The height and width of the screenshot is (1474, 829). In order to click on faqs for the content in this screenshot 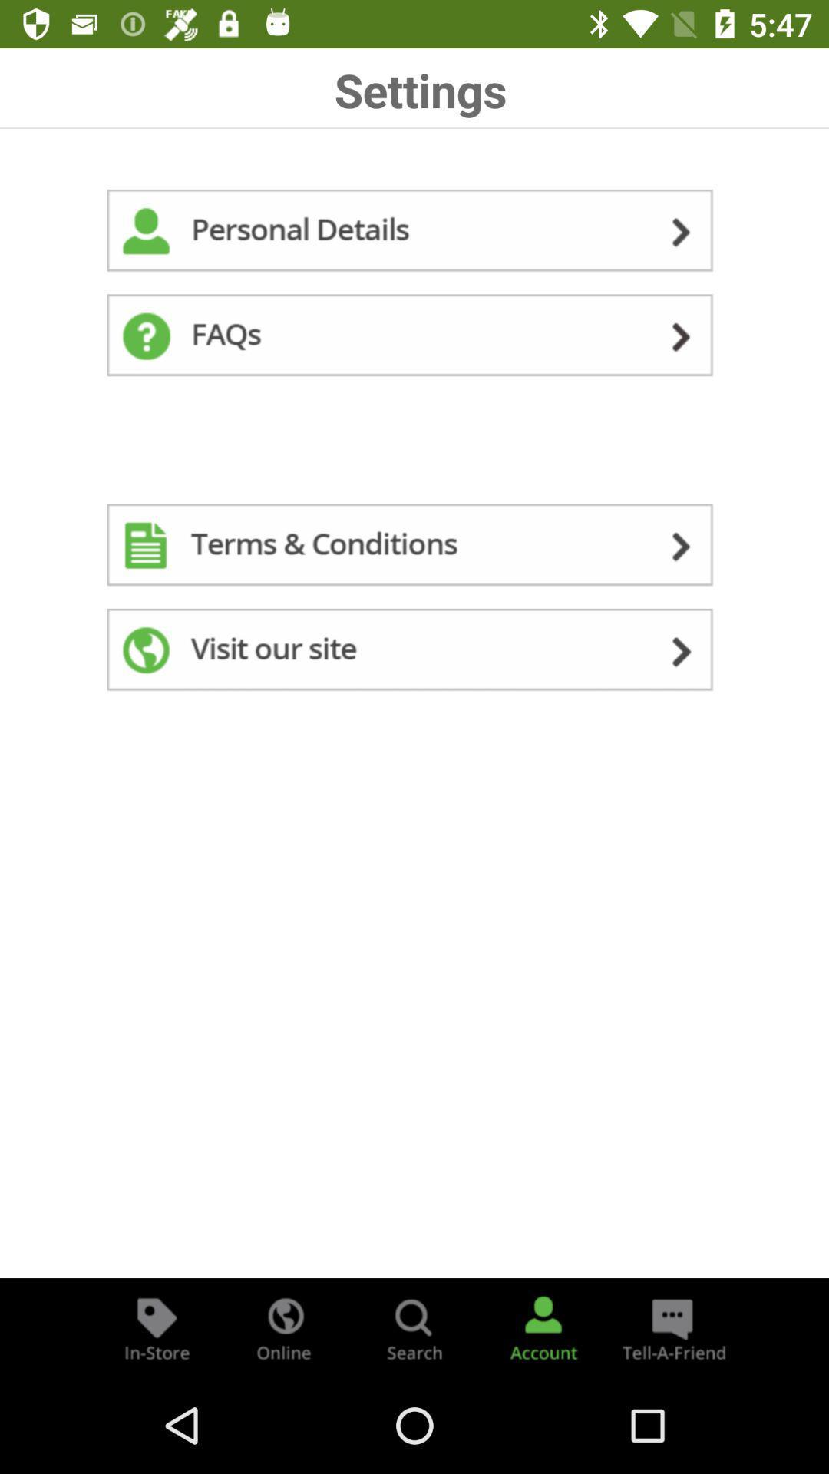, I will do `click(414, 338)`.